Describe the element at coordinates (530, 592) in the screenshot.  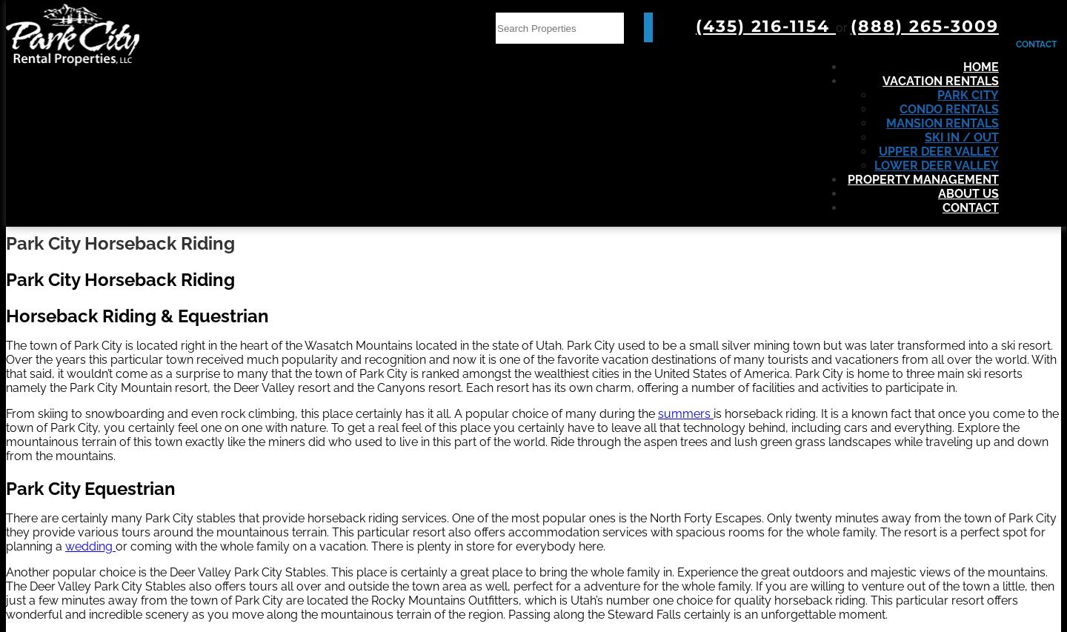
I see `'Another popular choice is the Deer Valley Park City Stables. This place is certainly a great place to bring the whole family in. Experience the great outdoors and majestic views of the mountains. The Deer Valley Park City Stables also offers tours all over and outside the town area as well, perfect for a adventure for the whole family. If you are willing to venture out of the town a little, then just a few minutes away from the town of Park City are located the Rocky Mountains Outfitters, which is Utah’s number one choice for quality horseback riding. This particular resort offers wonderful and incredible scenery as you move along the mountainous terrain of the region. Passing along the Steward Falls certainly is an unforgettable moment.'` at that location.